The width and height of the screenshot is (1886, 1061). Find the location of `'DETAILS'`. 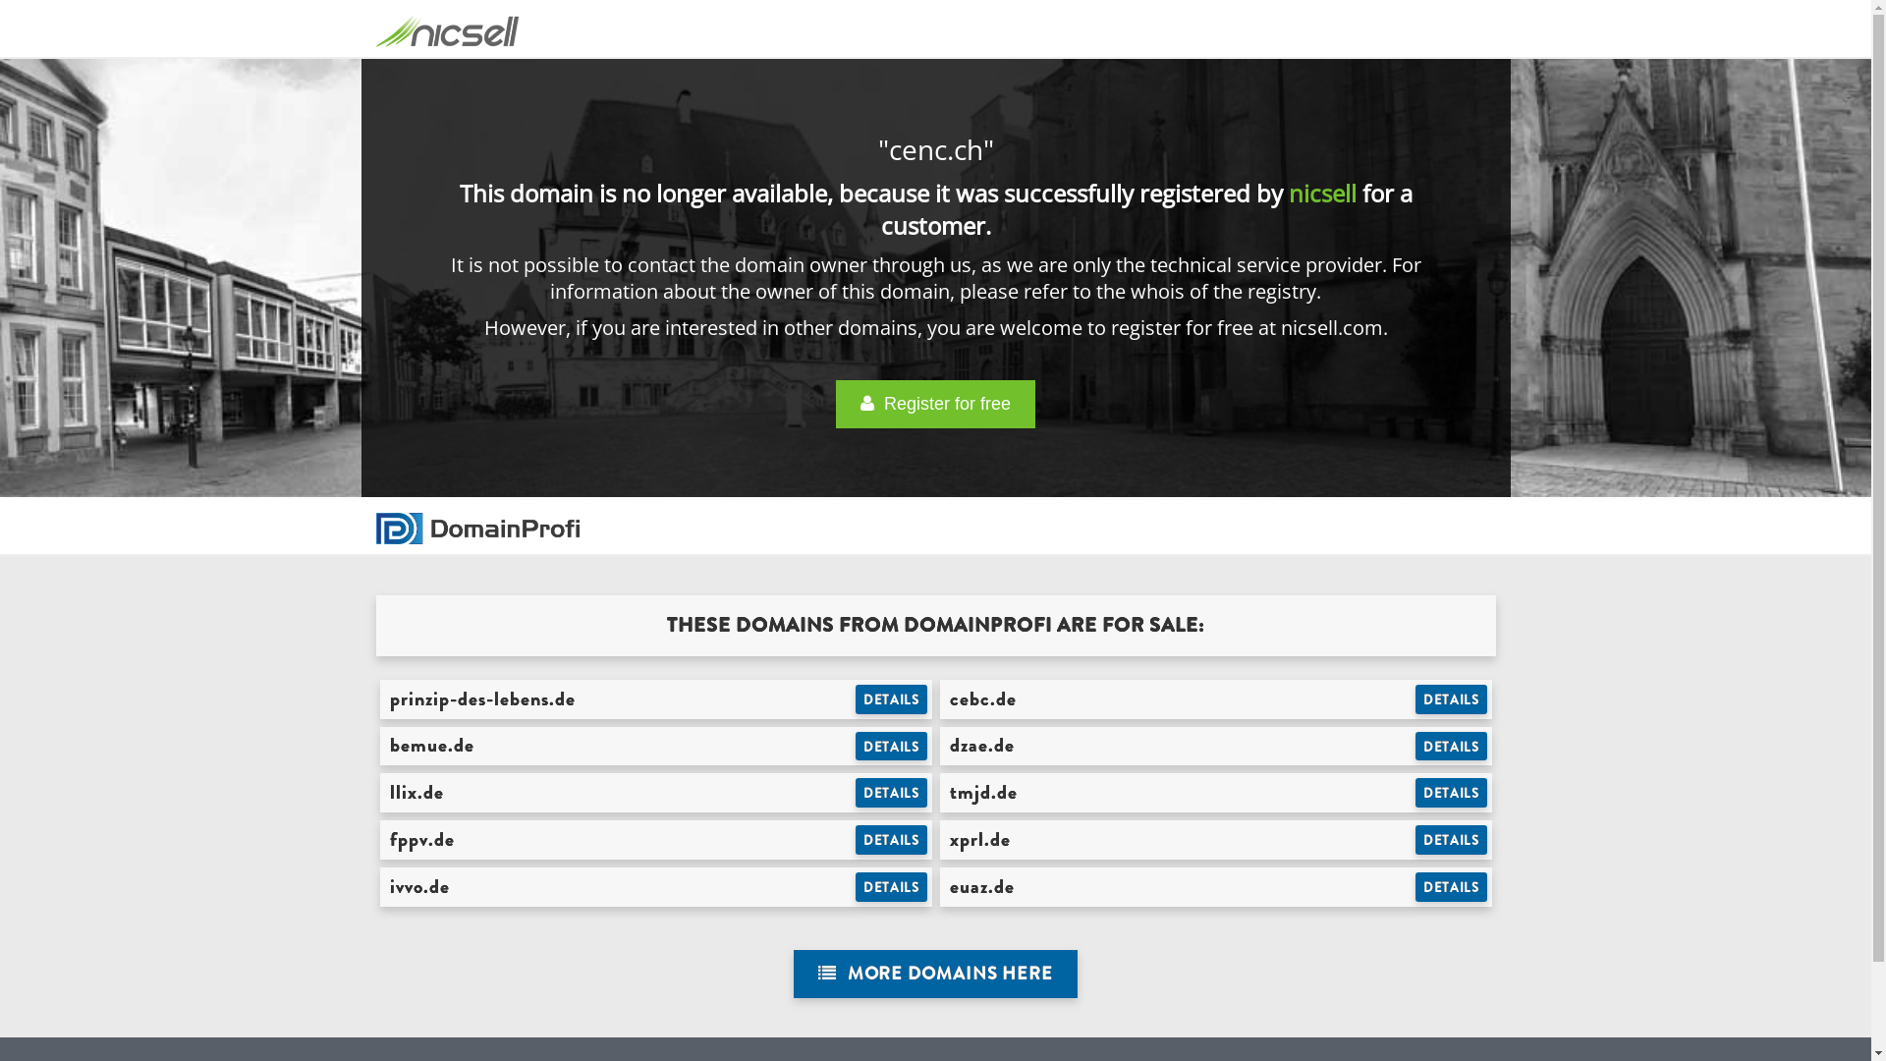

'DETAILS' is located at coordinates (890, 886).